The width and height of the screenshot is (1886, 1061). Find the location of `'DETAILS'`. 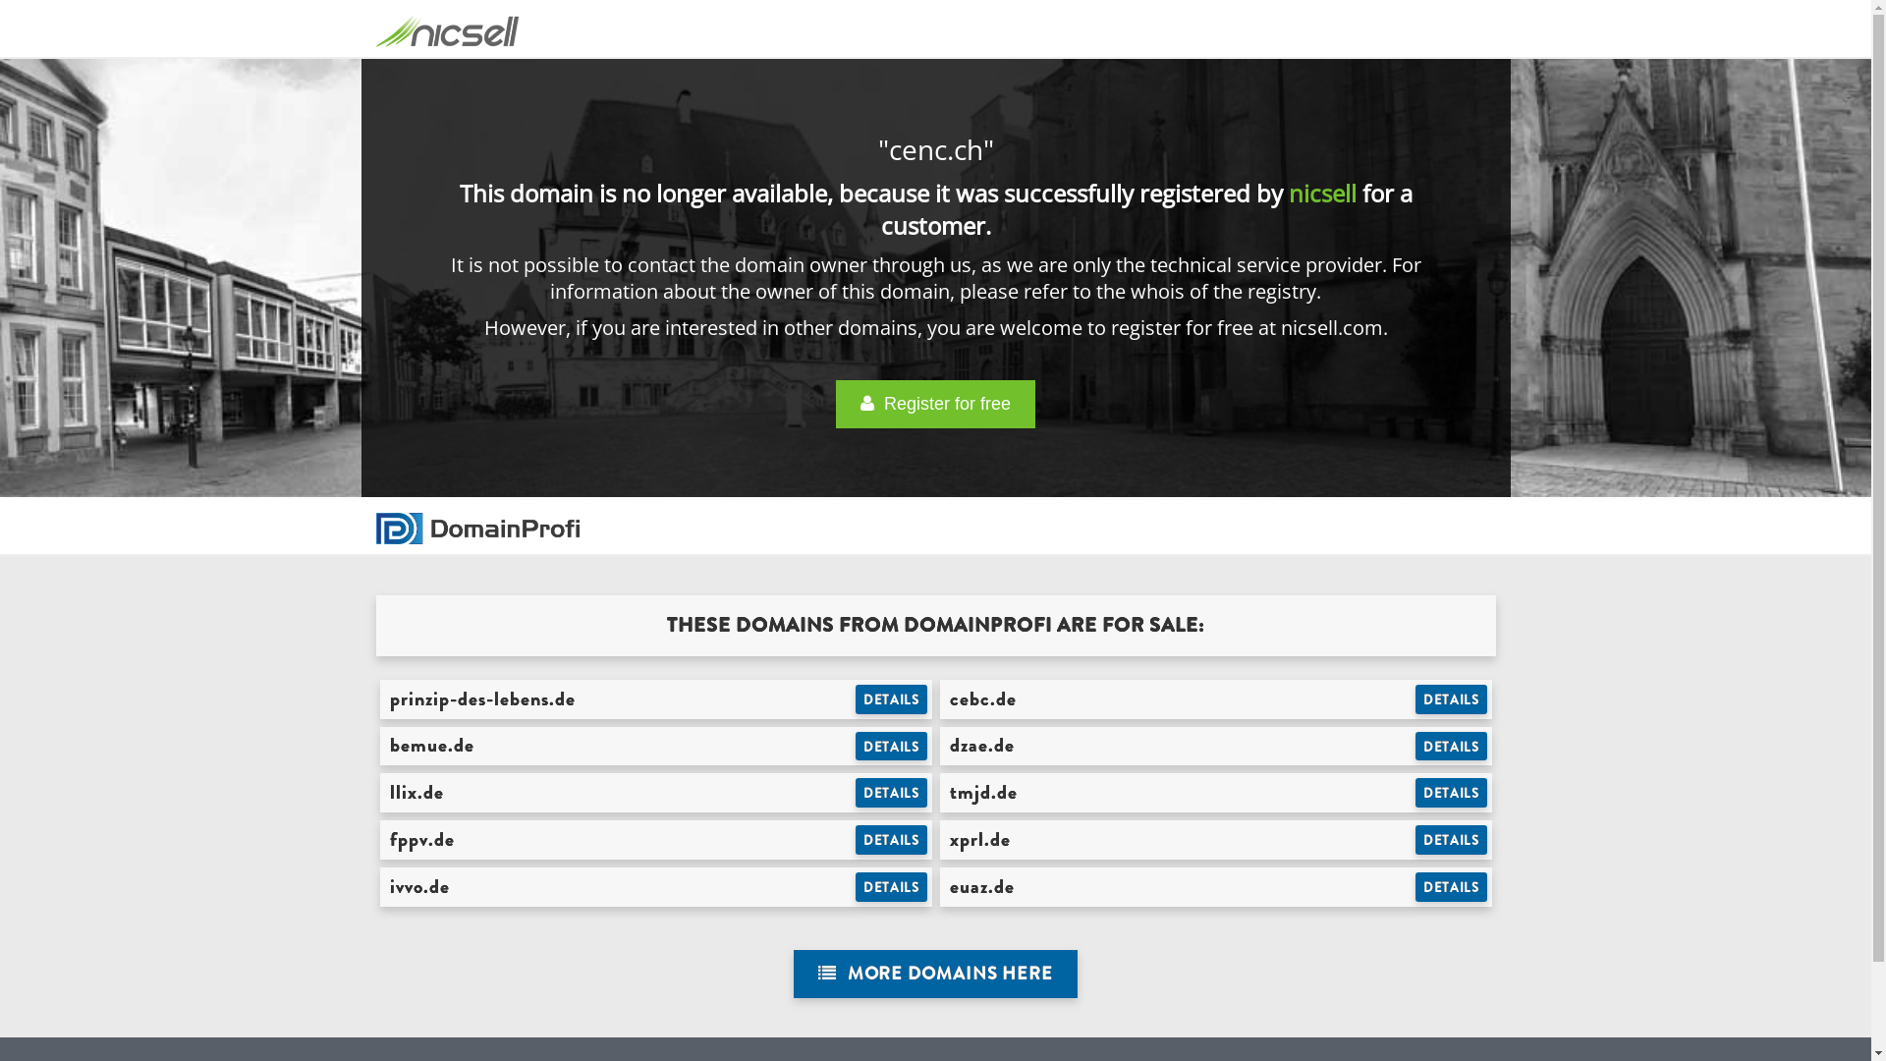

'DETAILS' is located at coordinates (890, 886).